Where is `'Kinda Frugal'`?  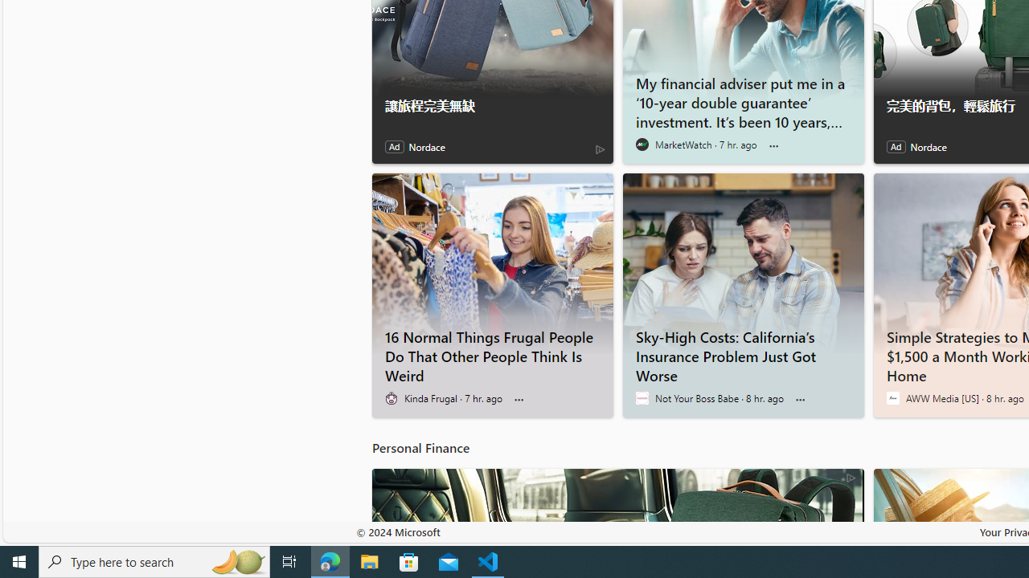 'Kinda Frugal' is located at coordinates (391, 397).